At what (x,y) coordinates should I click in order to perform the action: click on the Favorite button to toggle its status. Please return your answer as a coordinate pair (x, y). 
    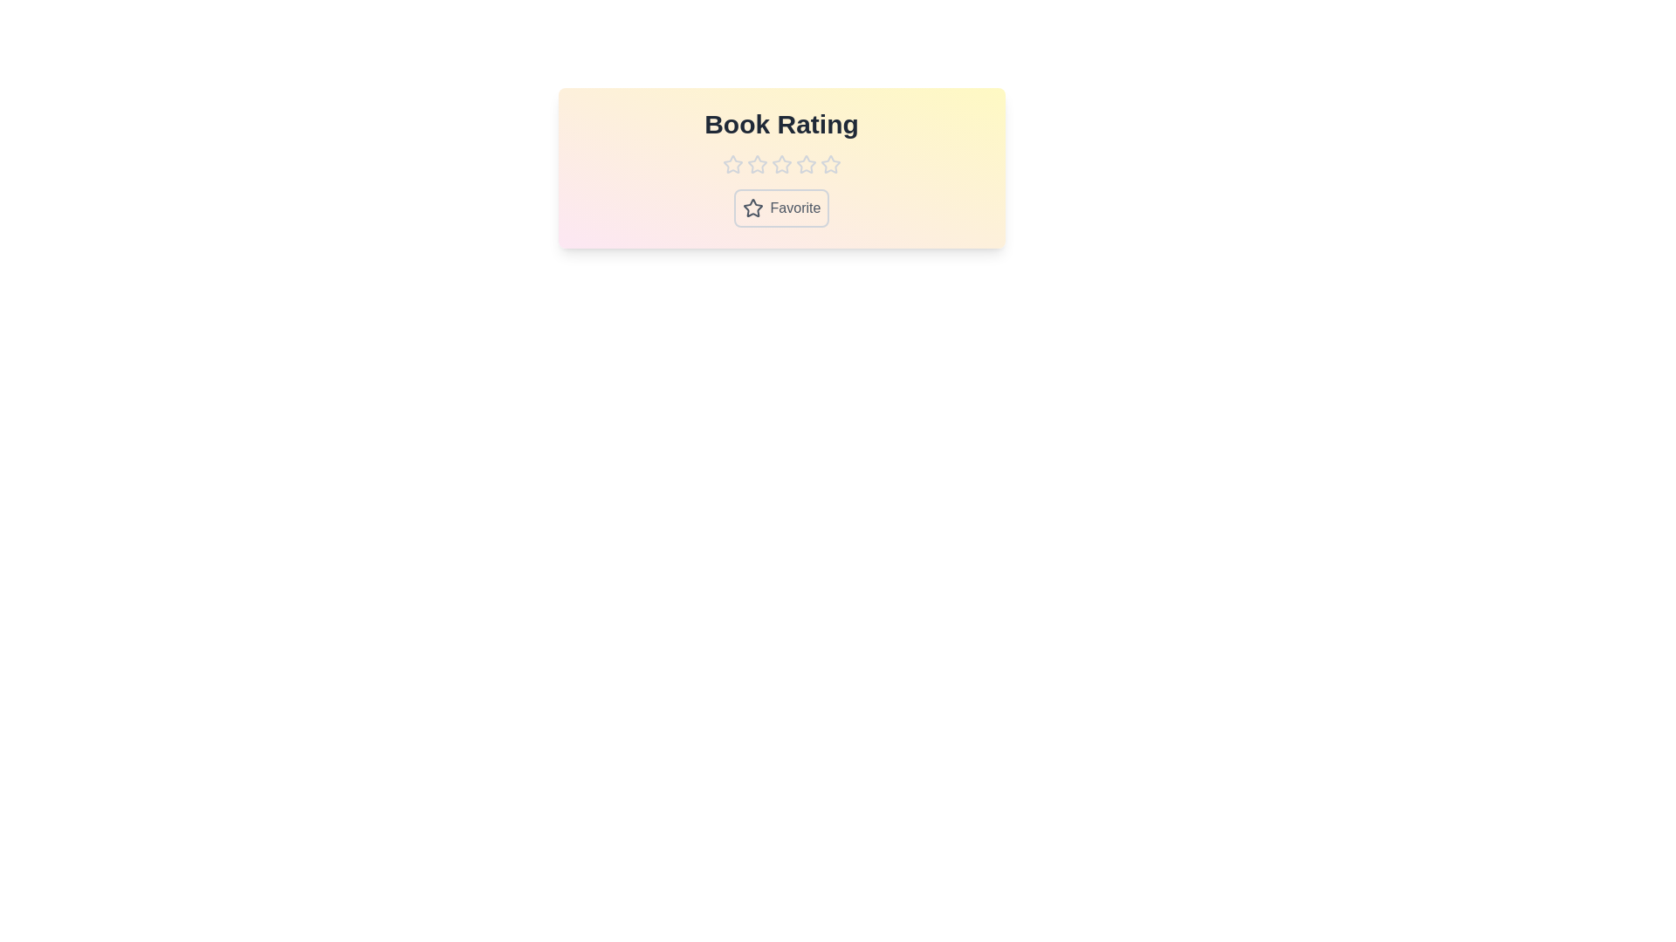
    Looking at the image, I should click on (780, 208).